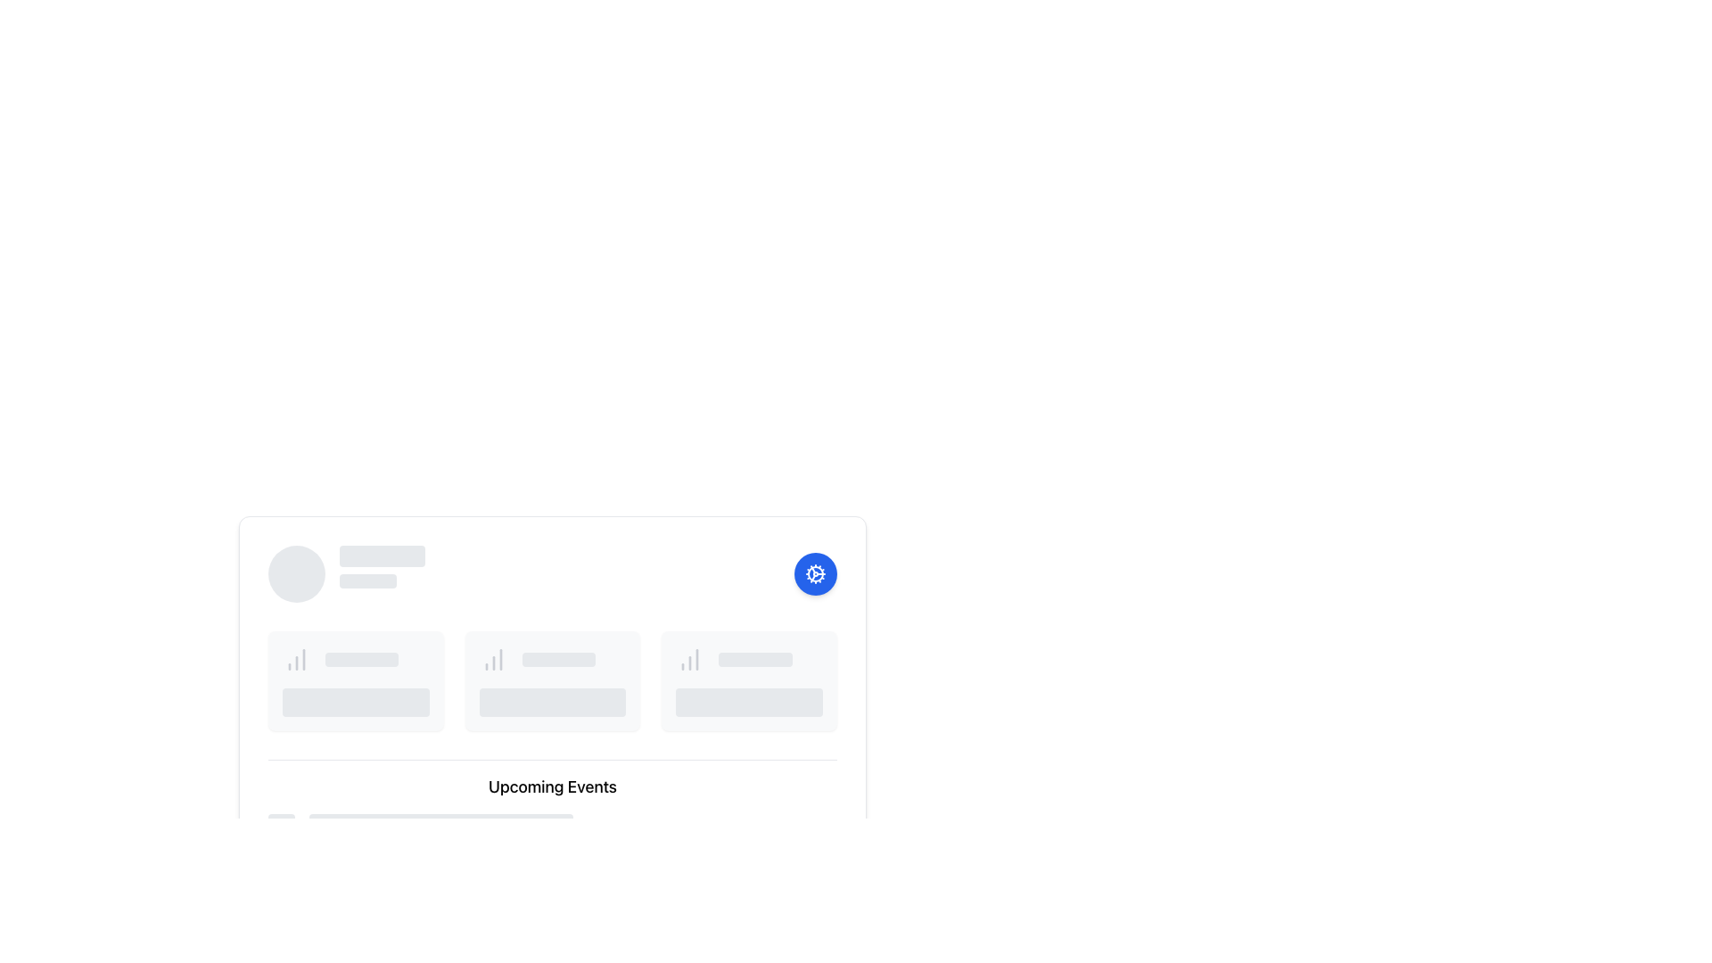  I want to click on the bar chart icon located on the left side of the horizontal group of visual components within the card to interpret its visual representation, so click(493, 660).